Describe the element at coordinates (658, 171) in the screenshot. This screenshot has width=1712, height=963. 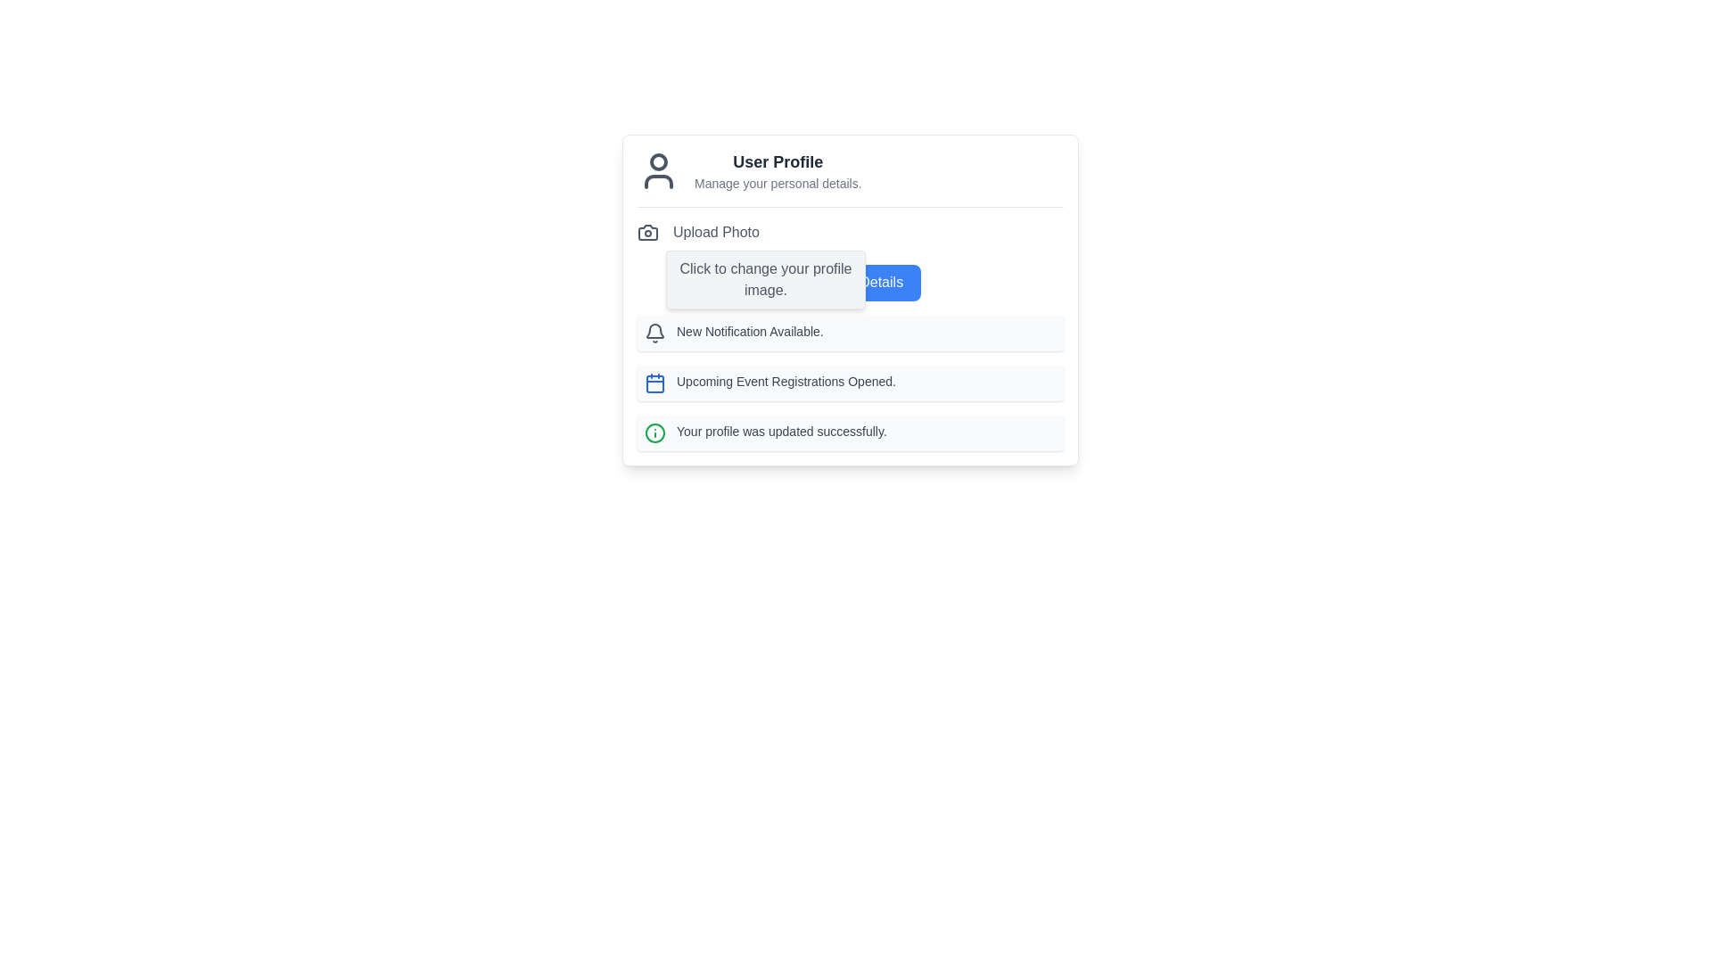
I see `the SVG icon representing a user profile silhouette, which is styled in gray and located in the header section of the card` at that location.